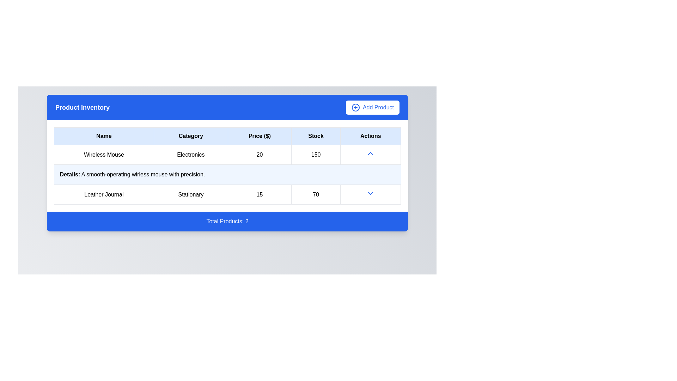 The image size is (677, 381). Describe the element at coordinates (370, 153) in the screenshot. I see `the upward-pointing chevron arrow icon located in the 'Actions' column of the product table` at that location.